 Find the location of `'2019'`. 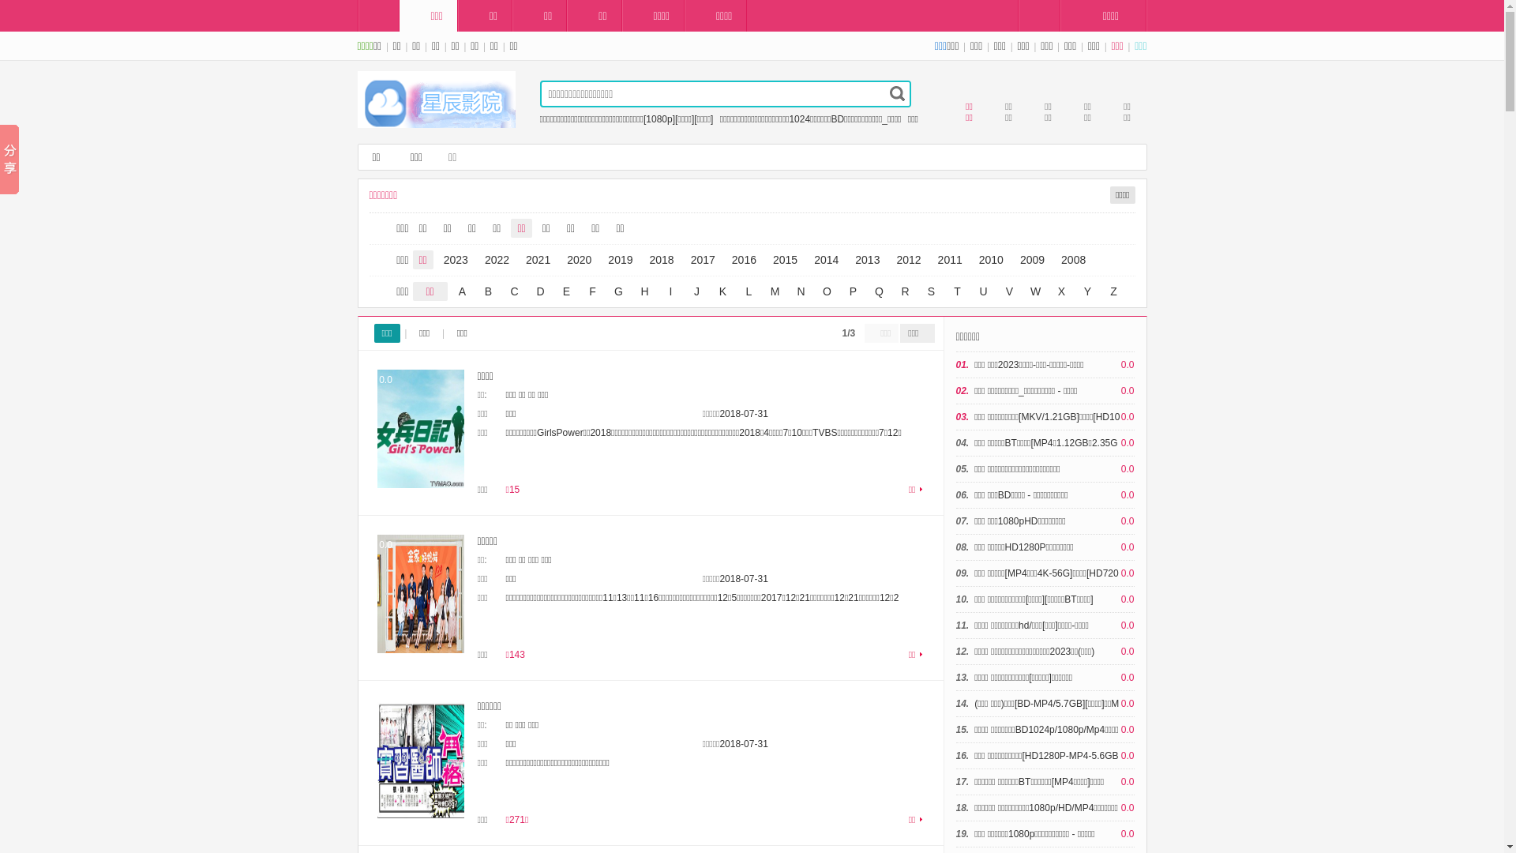

'2019' is located at coordinates (619, 258).